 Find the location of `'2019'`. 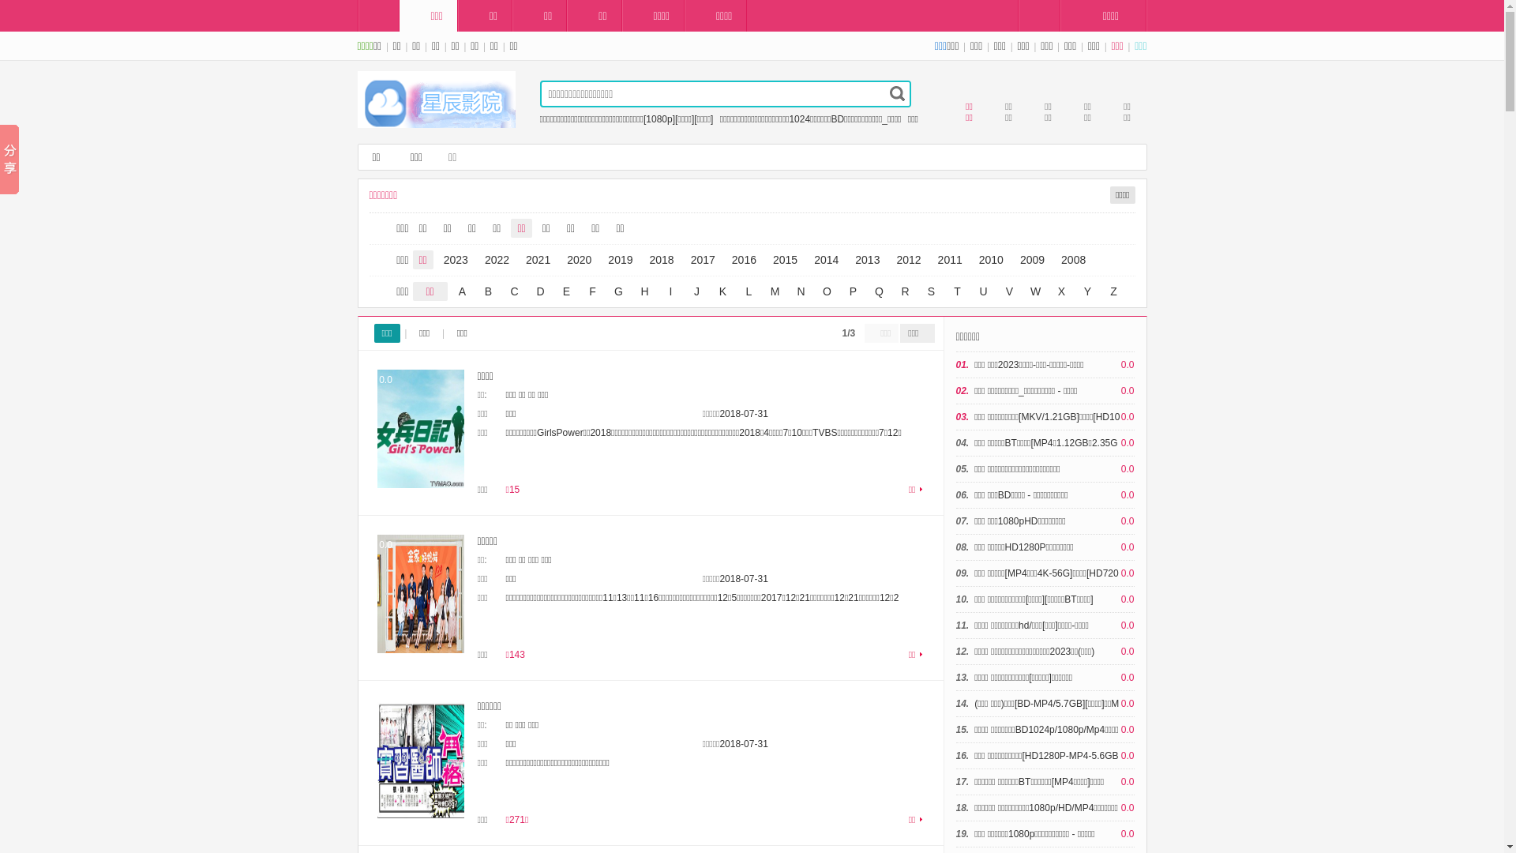

'2019' is located at coordinates (619, 258).